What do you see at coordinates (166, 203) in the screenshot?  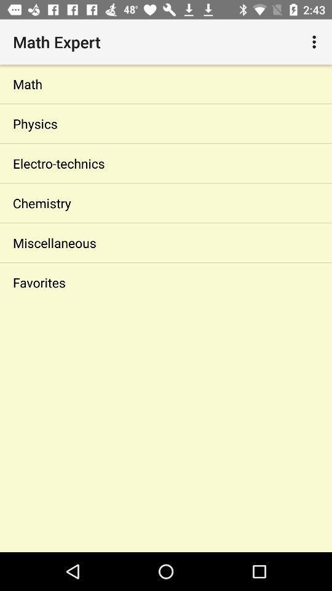 I see `icon below electro-technics item` at bounding box center [166, 203].